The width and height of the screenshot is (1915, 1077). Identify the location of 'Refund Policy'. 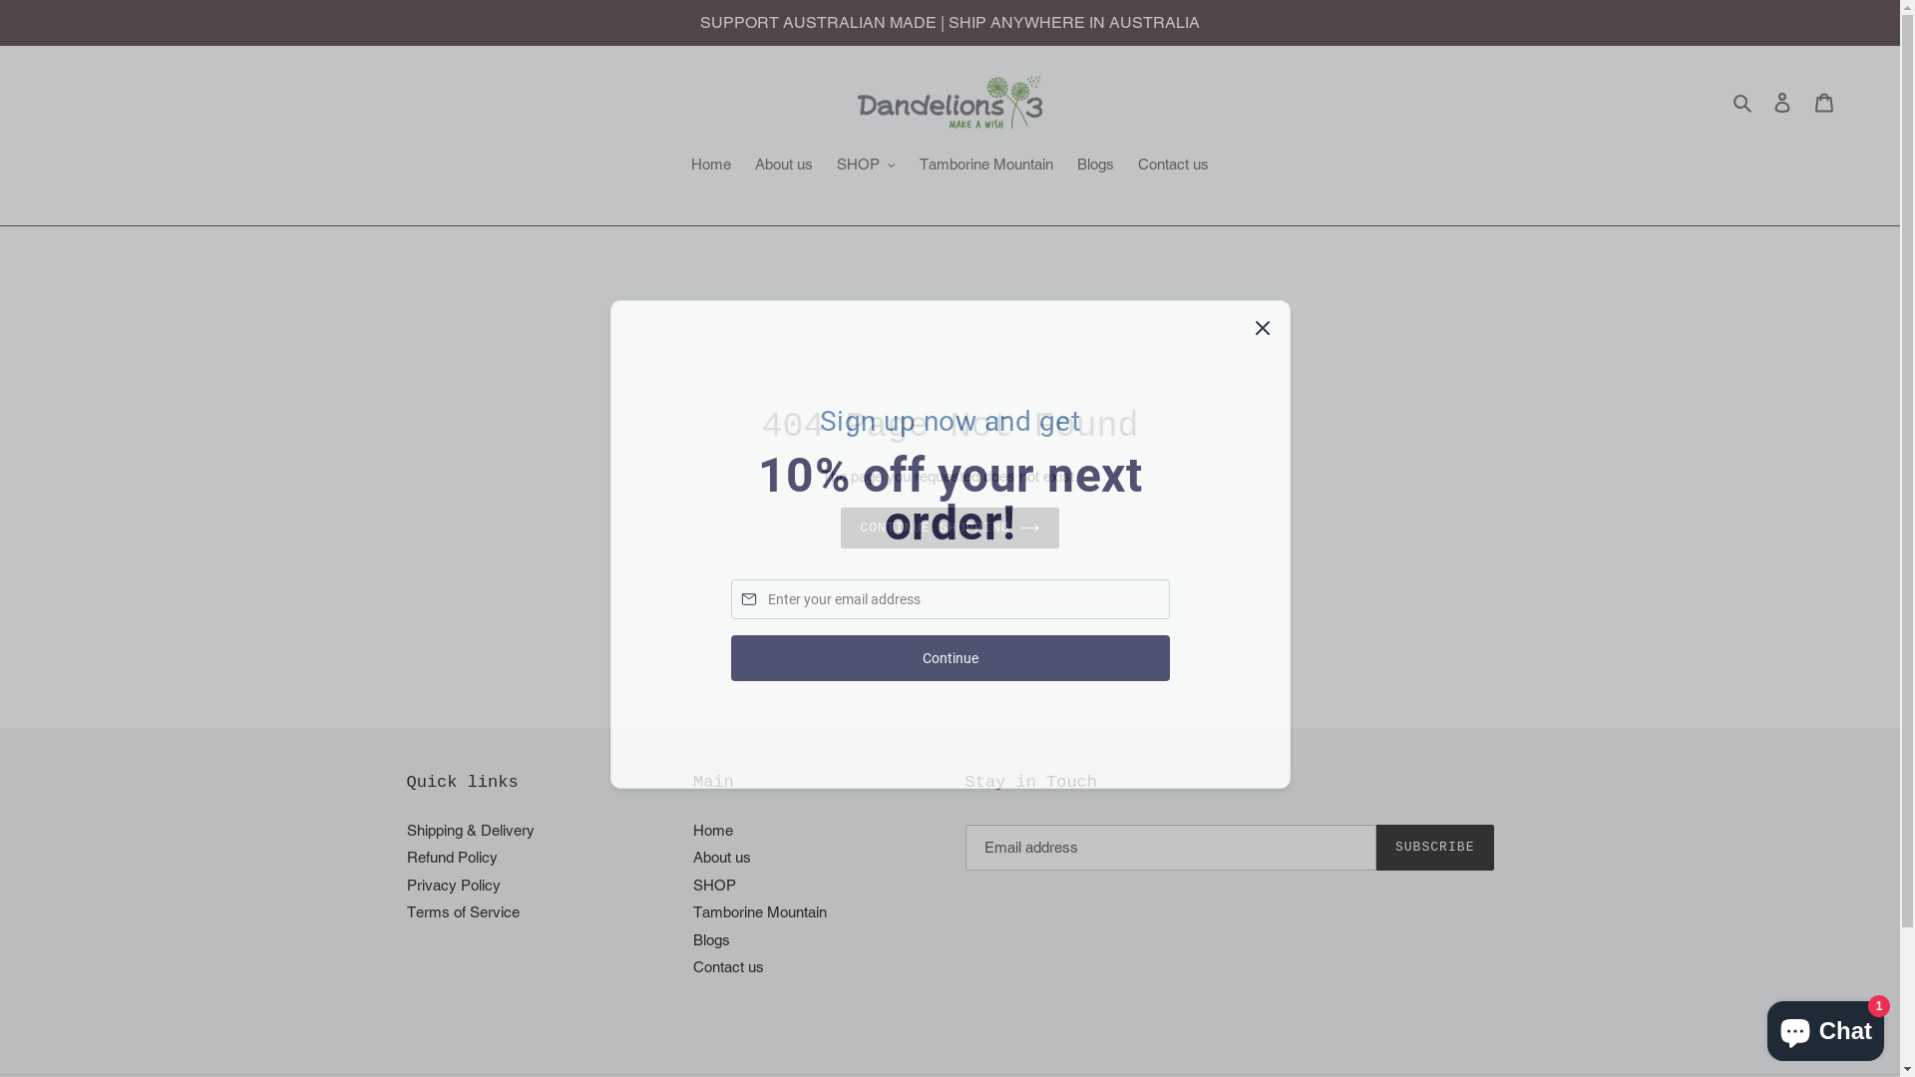
(451, 856).